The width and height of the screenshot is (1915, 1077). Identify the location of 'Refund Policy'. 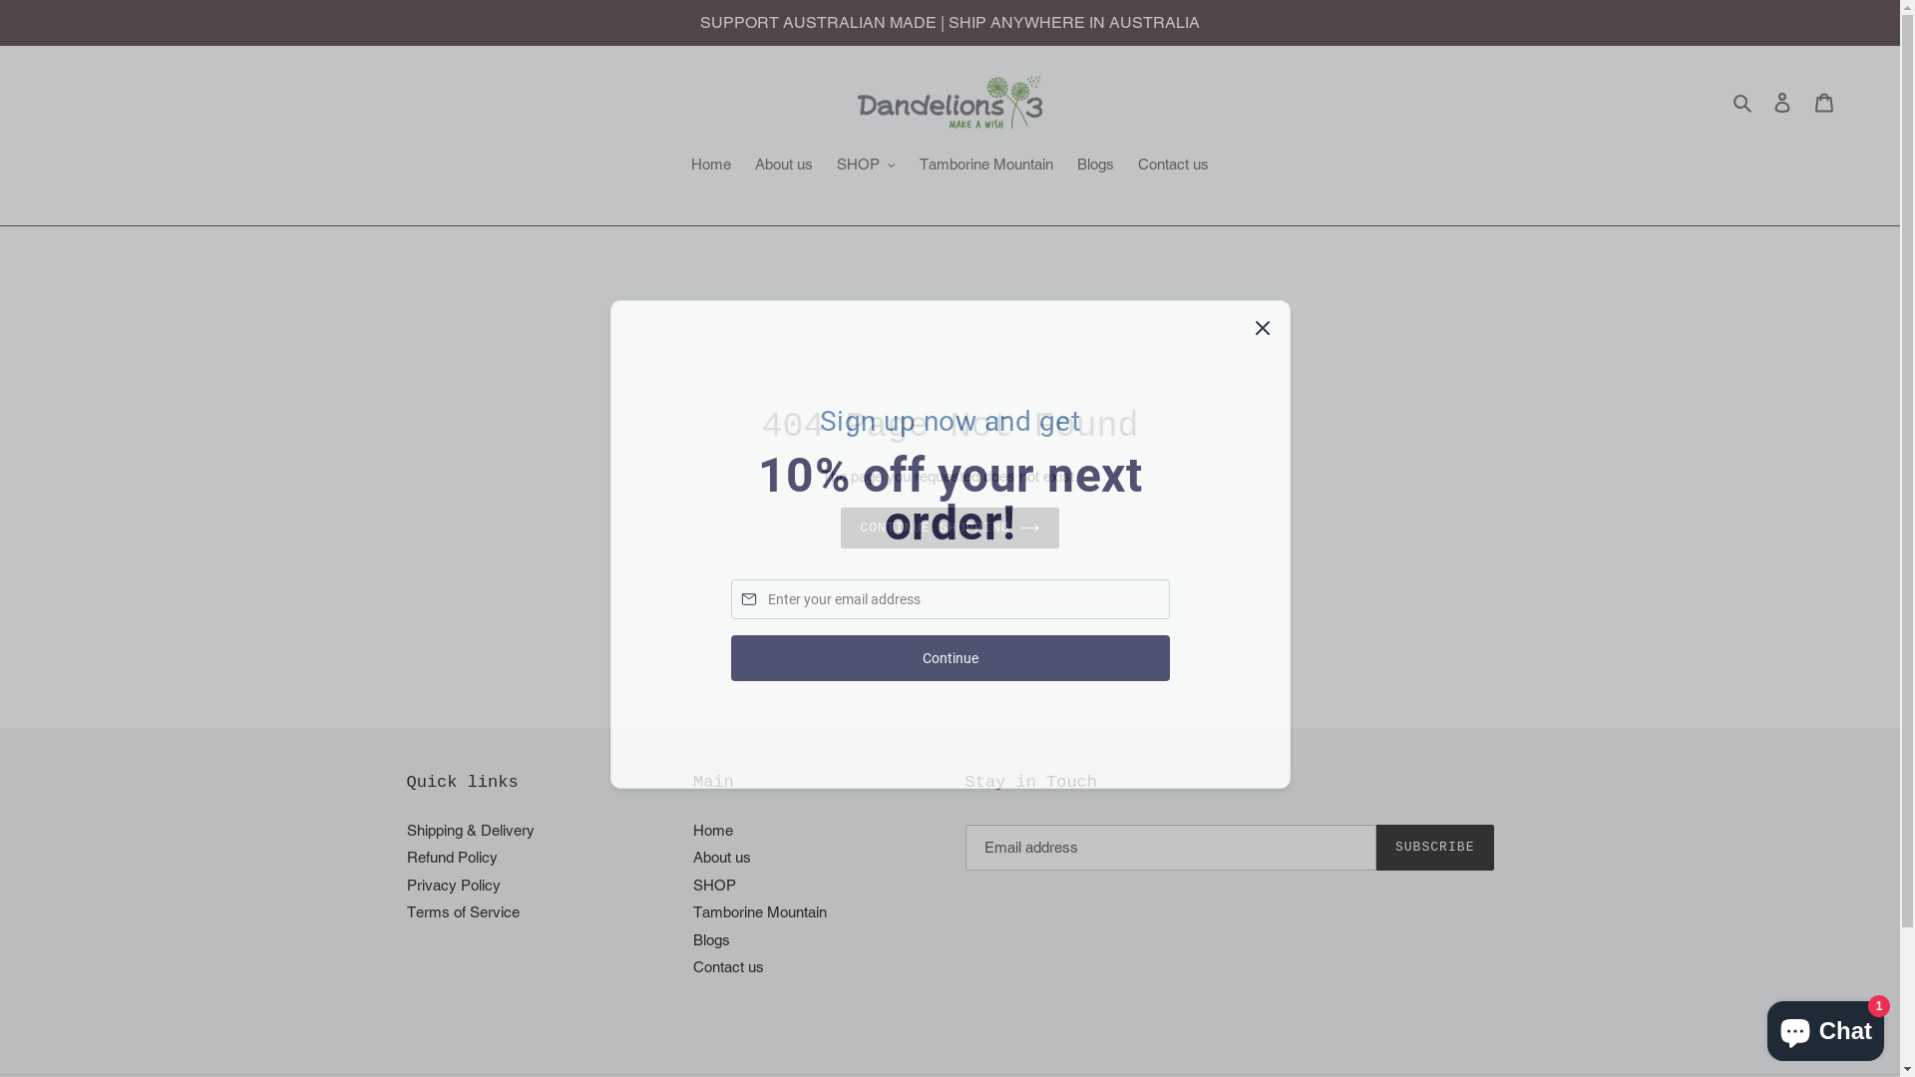
(451, 856).